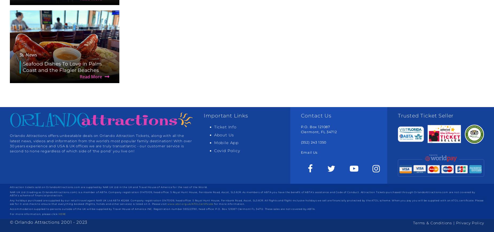 This screenshot has height=232, width=494. Describe the element at coordinates (100, 143) in the screenshot. I see `'Orlando Attractions offers unbeatable deals on Orlando Attraction Tickets, along with all the latest news, videos and information from the world's most popular family destination! With over 30 years experience and USA & UK offices we are truly transatlantic - our customer service is second to none regardless of which side of 'the pond’ you live on!'` at that location.